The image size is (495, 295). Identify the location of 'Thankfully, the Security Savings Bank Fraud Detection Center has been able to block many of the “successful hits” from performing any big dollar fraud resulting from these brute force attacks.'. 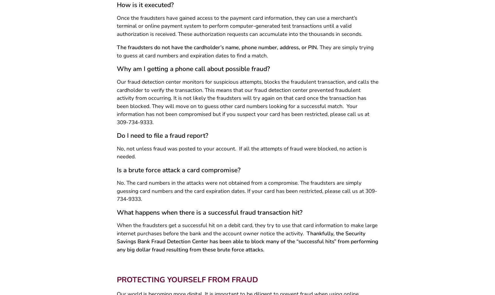
(247, 244).